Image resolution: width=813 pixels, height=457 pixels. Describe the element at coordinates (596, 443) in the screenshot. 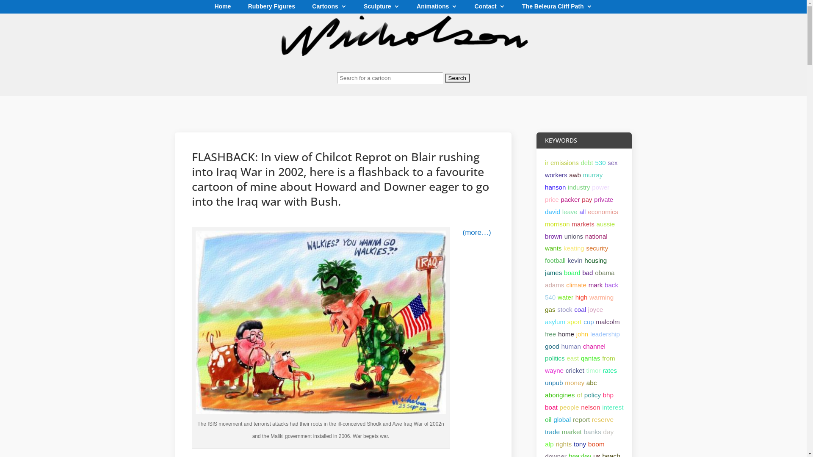

I see `'boom'` at that location.